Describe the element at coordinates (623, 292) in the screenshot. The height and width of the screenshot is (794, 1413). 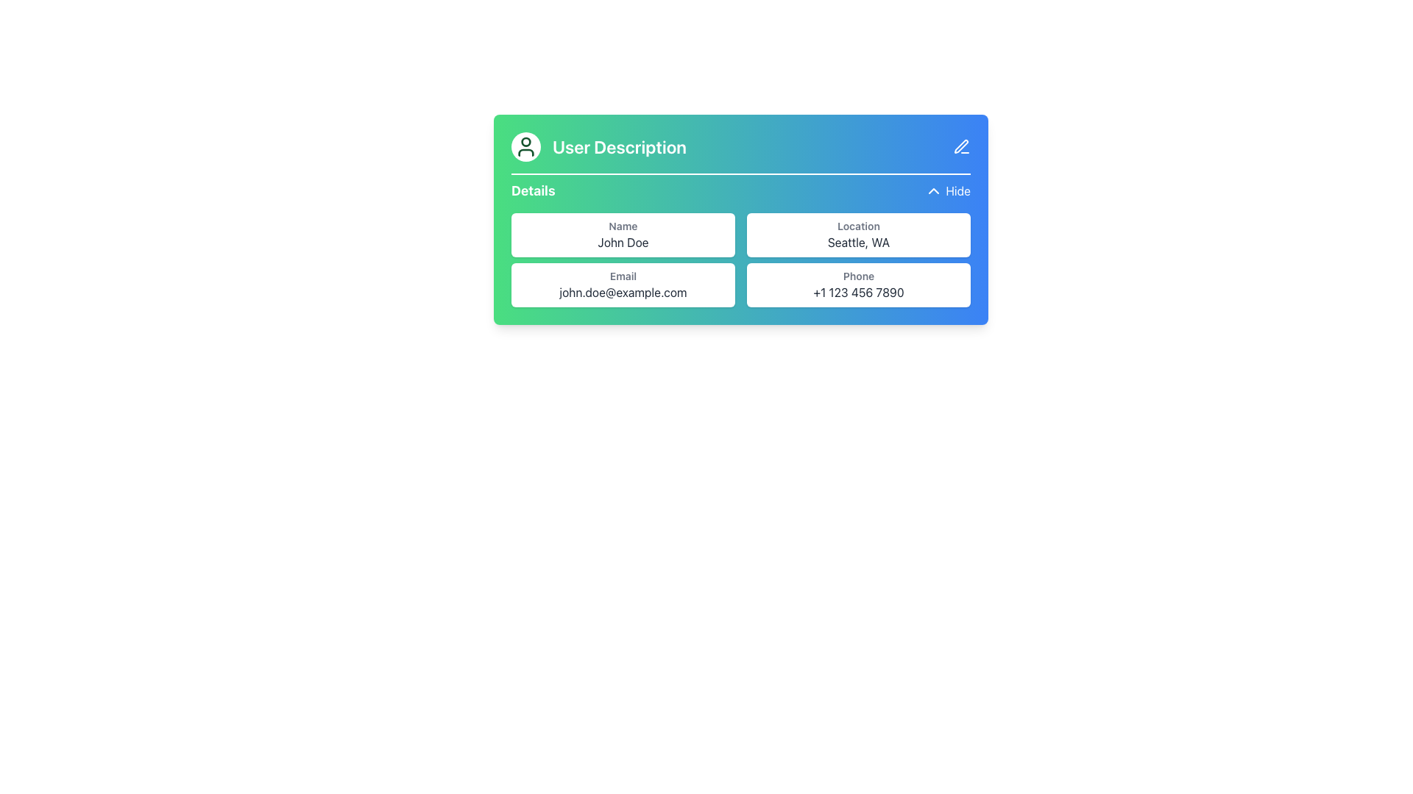
I see `the static text display showing the user's email address, located in the user profile card beneath the 'Email' label` at that location.